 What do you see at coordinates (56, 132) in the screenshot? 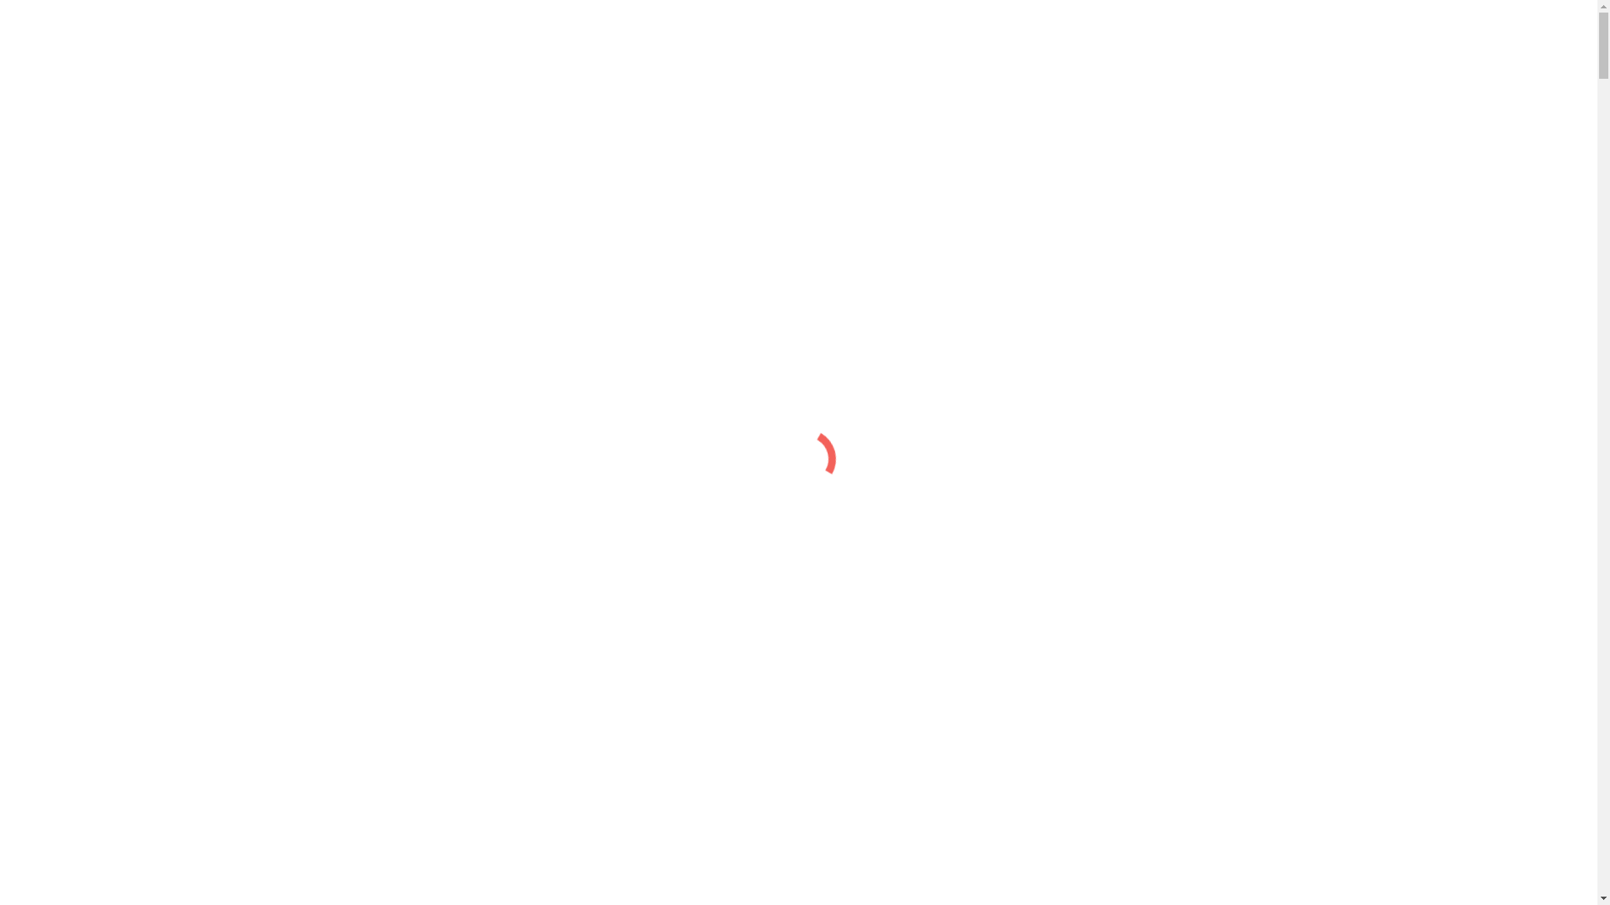
I see `'Home'` at bounding box center [56, 132].